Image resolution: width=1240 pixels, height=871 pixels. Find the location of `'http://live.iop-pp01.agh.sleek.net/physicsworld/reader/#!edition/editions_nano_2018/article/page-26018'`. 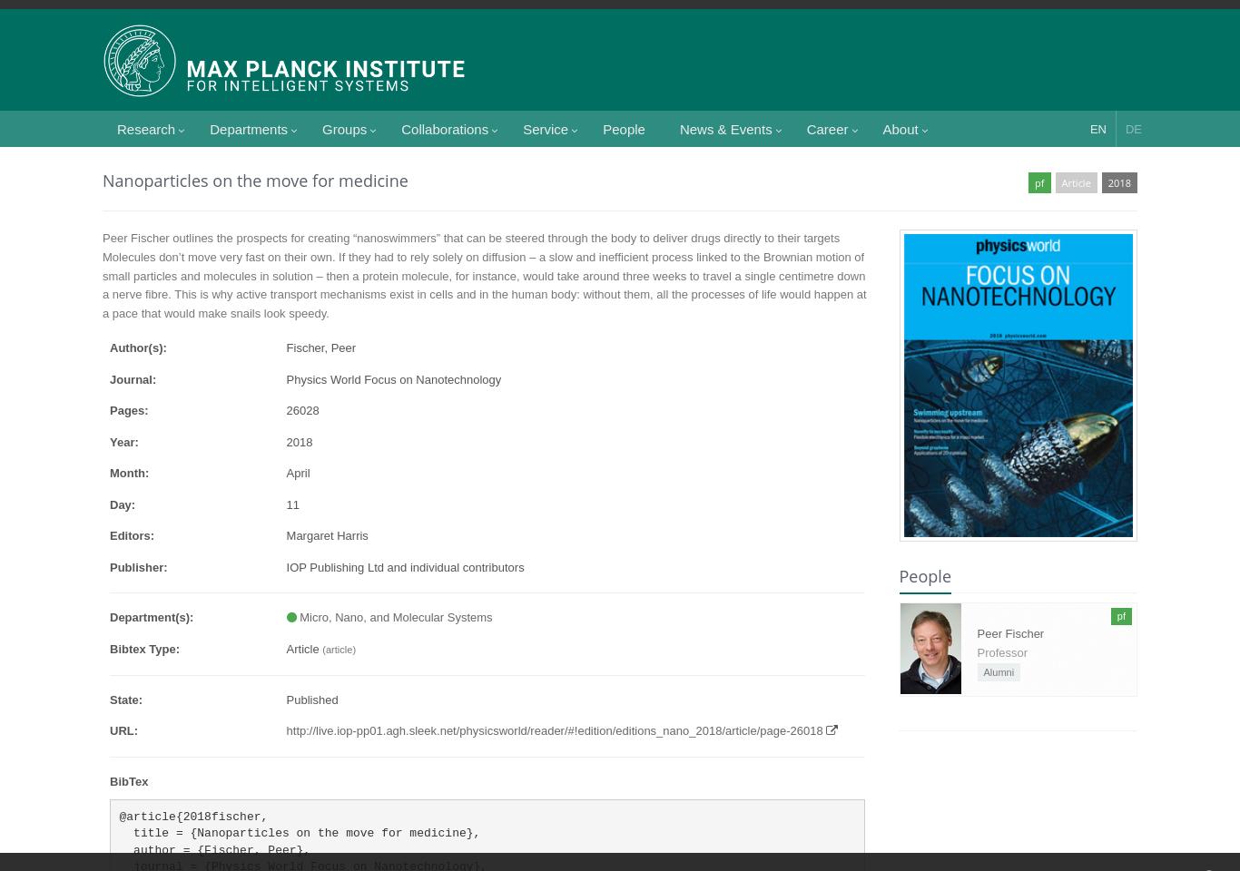

'http://live.iop-pp01.agh.sleek.net/physicsworld/reader/#!edition/editions_nano_2018/article/page-26018' is located at coordinates (553, 730).